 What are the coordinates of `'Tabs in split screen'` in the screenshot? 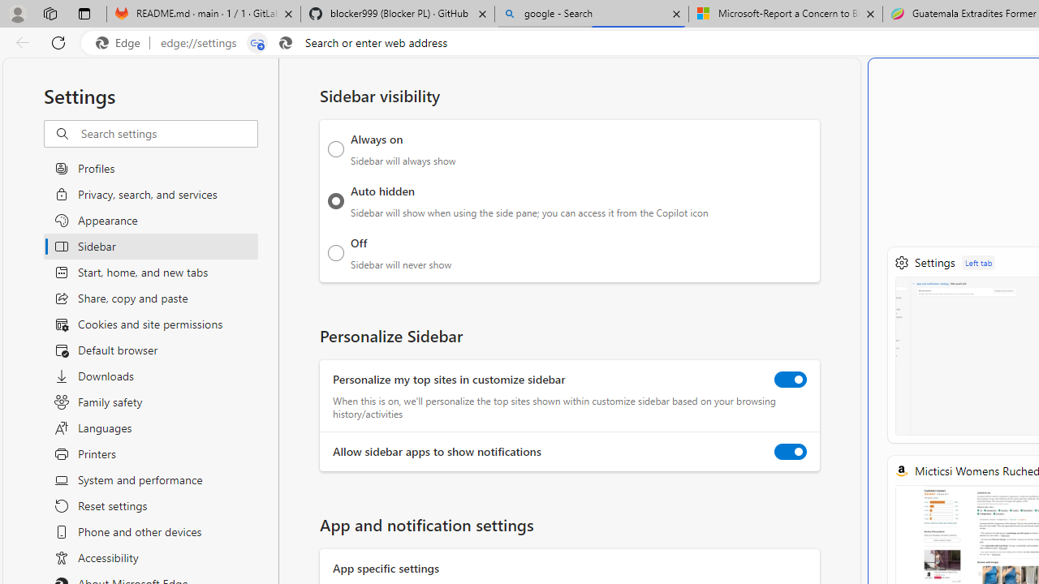 It's located at (257, 42).